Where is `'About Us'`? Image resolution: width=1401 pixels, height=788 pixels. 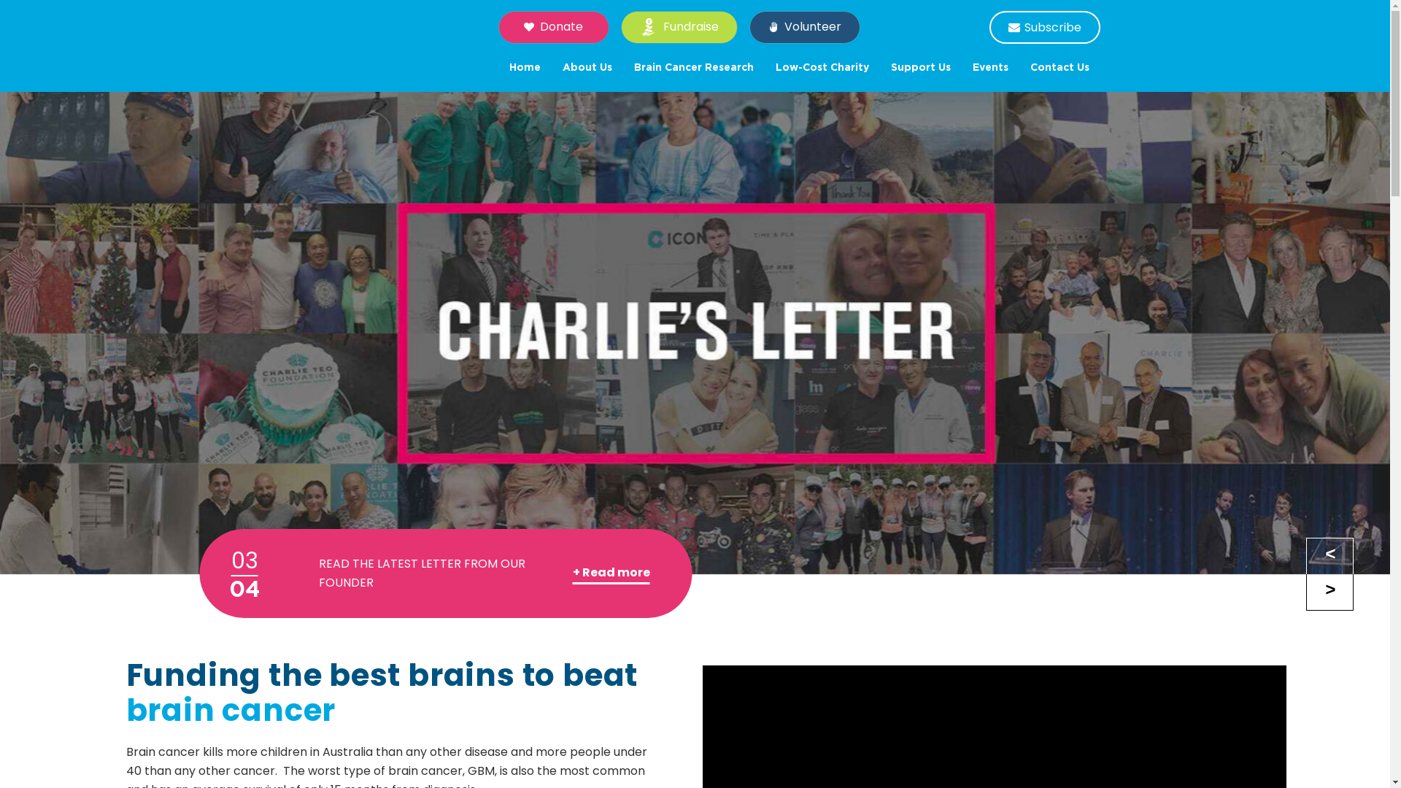
'About Us' is located at coordinates (550, 67).